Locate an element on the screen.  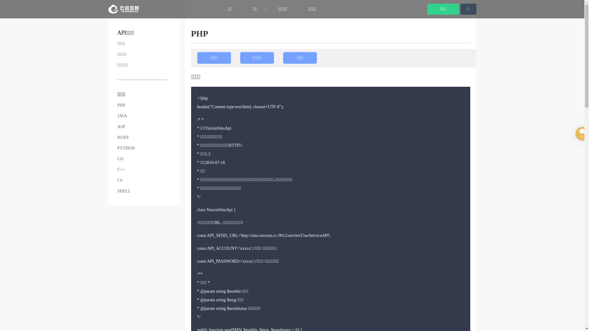
'PYTHON' is located at coordinates (125, 148).